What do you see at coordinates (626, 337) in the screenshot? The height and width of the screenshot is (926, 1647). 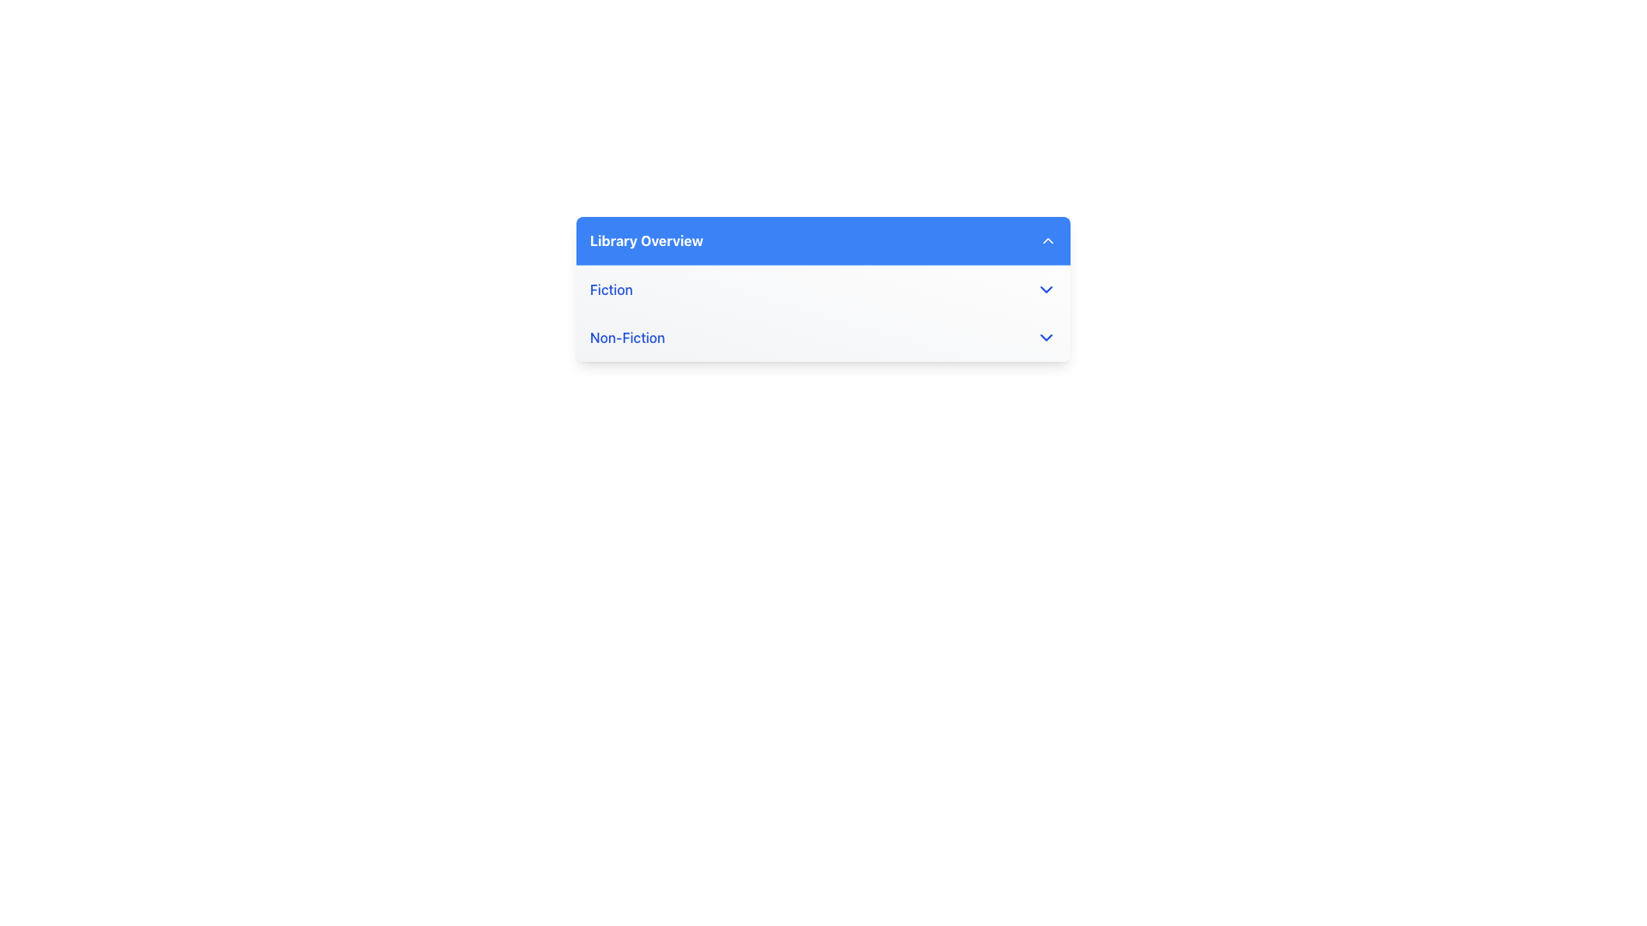 I see `text content of the 'Non-Fiction' label in the dropdown list, which is the second entry in the list` at bounding box center [626, 337].